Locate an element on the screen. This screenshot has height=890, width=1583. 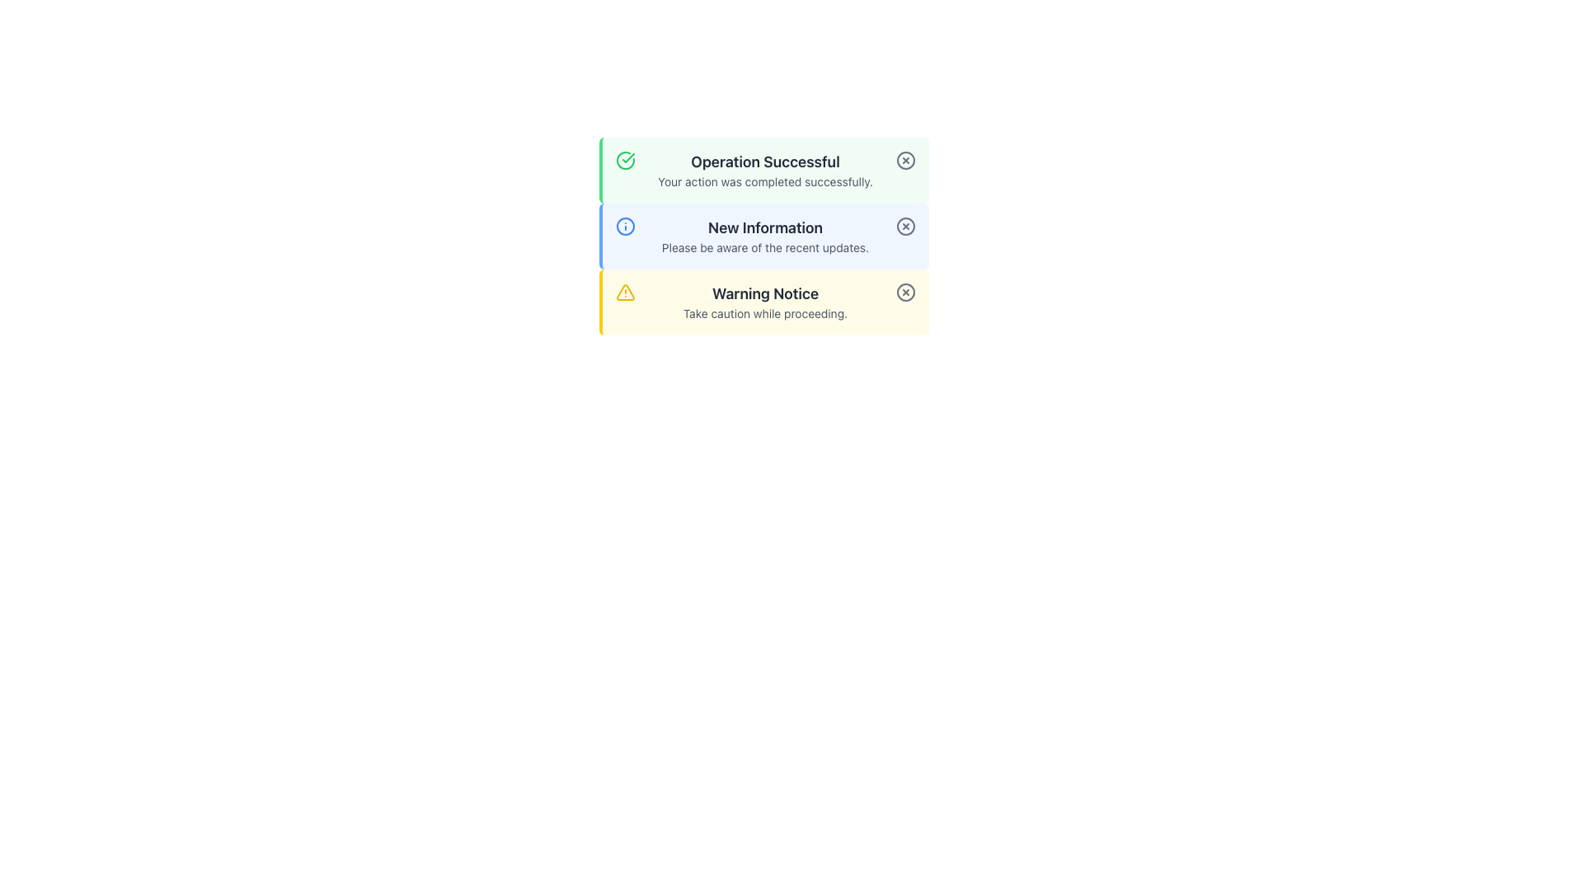
the informational notification icon located in the 'New Information' section, positioned to the left of the title text is located at coordinates (624, 226).